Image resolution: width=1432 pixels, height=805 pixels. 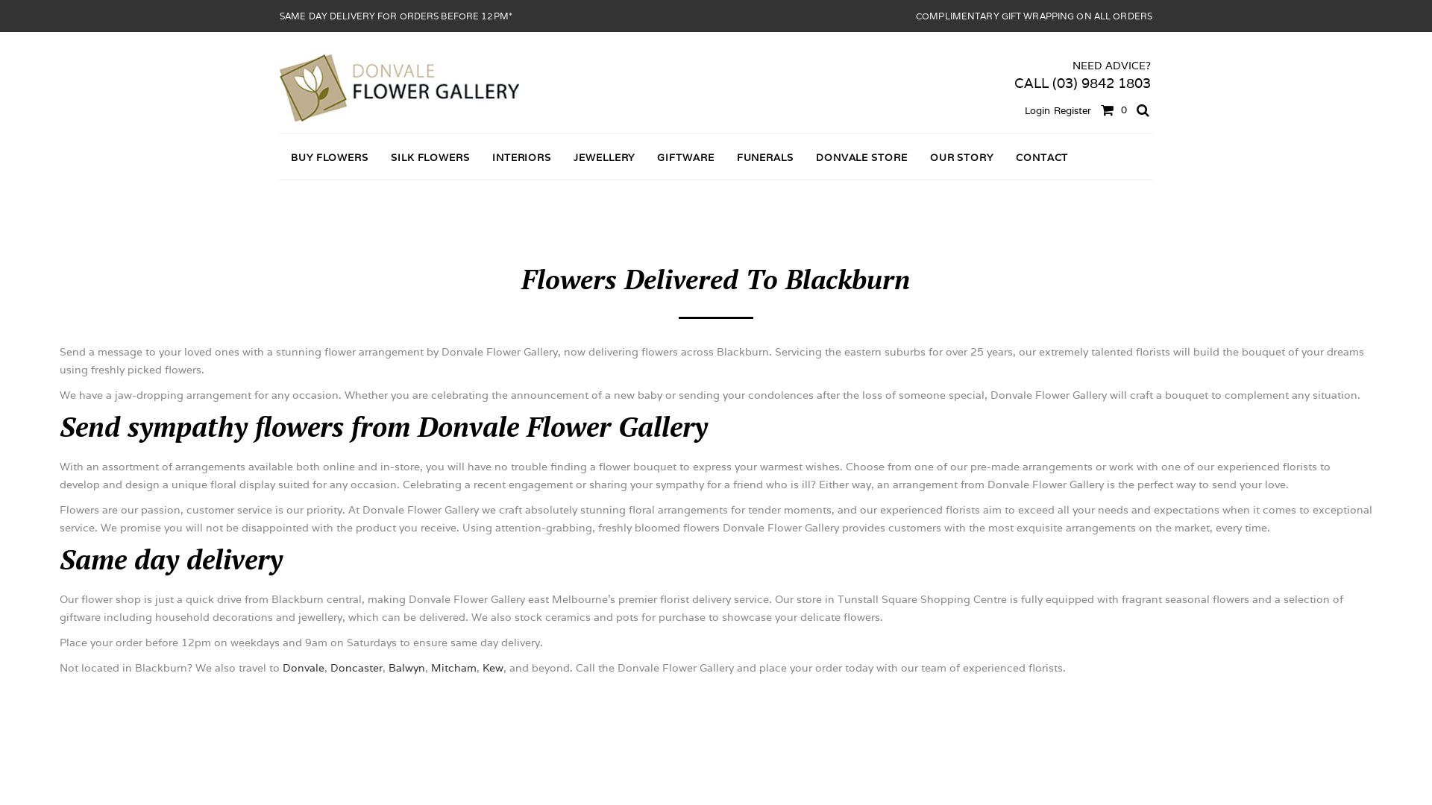 What do you see at coordinates (1111, 108) in the screenshot?
I see `'0'` at bounding box center [1111, 108].